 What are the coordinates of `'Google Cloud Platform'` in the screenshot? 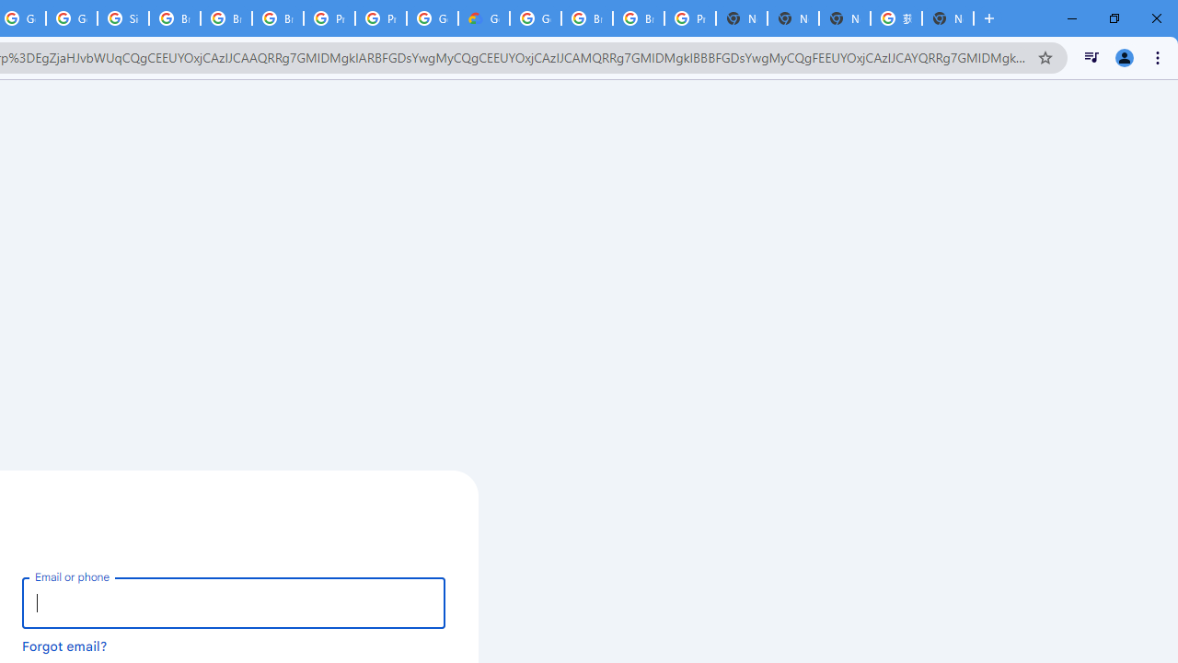 It's located at (535, 18).